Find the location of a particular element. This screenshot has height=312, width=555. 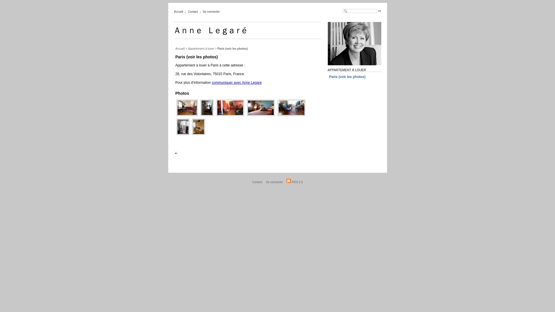

'Contact' is located at coordinates (193, 12).